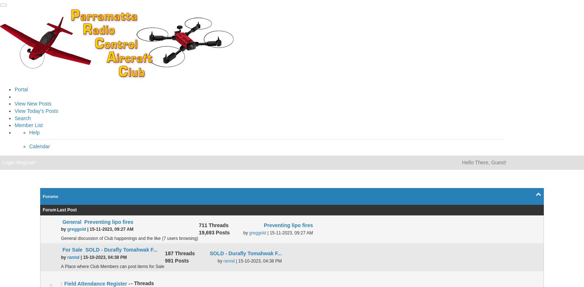 The image size is (584, 287). I want to click on 'For Sale', so click(72, 249).